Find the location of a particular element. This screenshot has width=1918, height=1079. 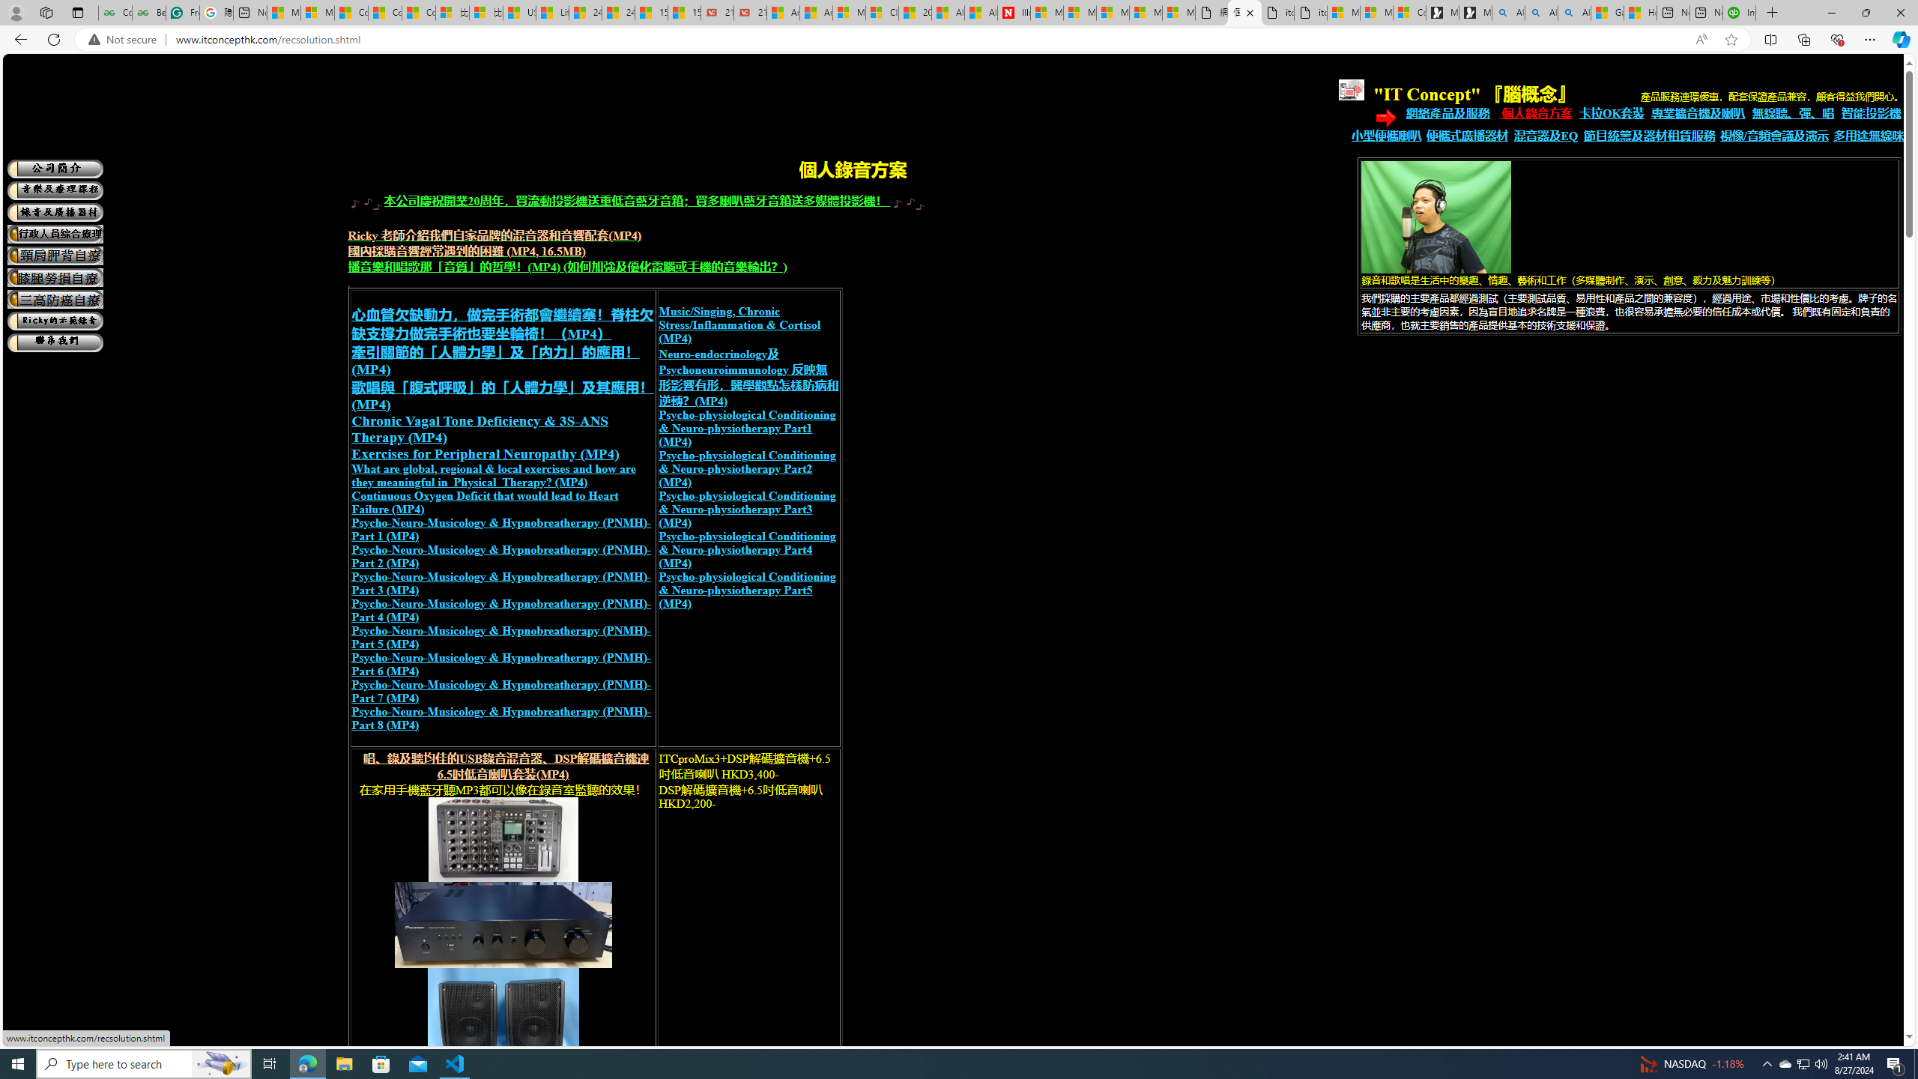

'Alabama high school quarterback dies - Search' is located at coordinates (1508, 12).